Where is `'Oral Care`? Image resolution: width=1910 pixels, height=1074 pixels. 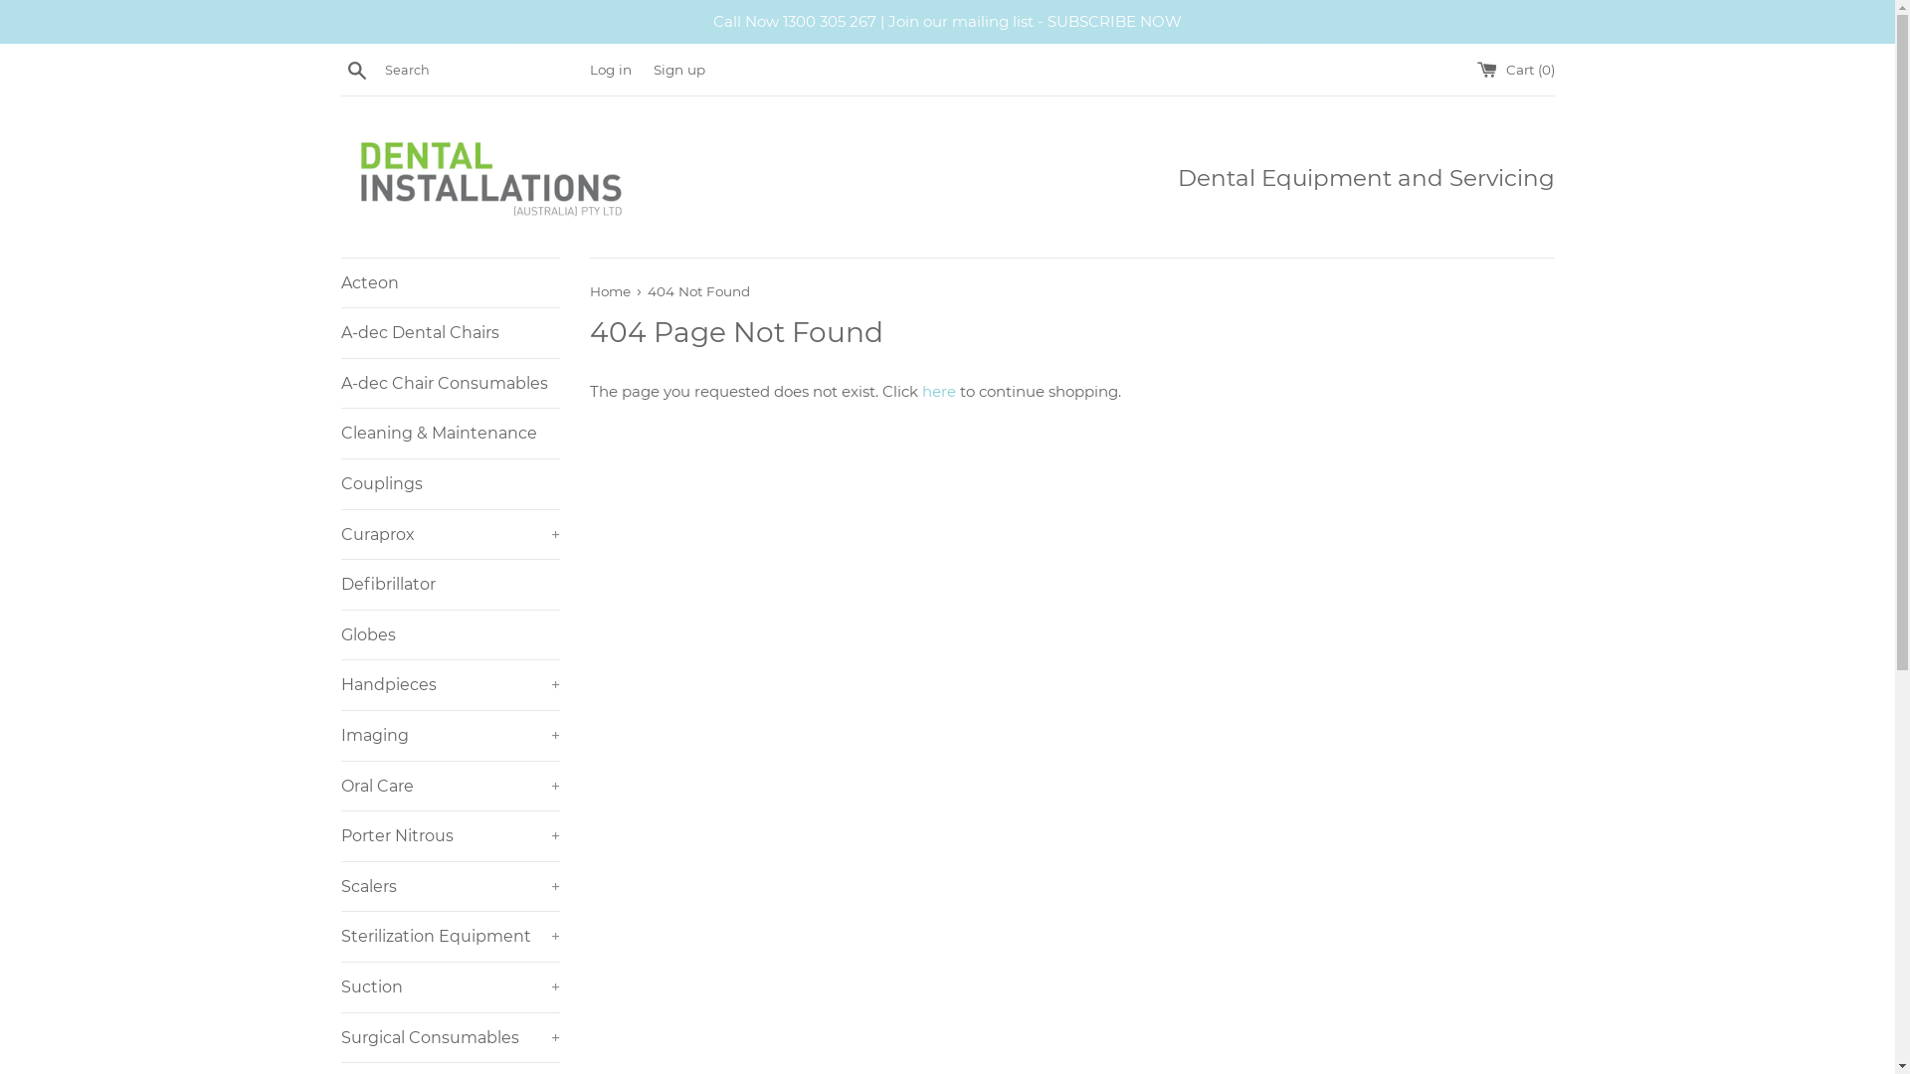
'Oral Care is located at coordinates (448, 785).